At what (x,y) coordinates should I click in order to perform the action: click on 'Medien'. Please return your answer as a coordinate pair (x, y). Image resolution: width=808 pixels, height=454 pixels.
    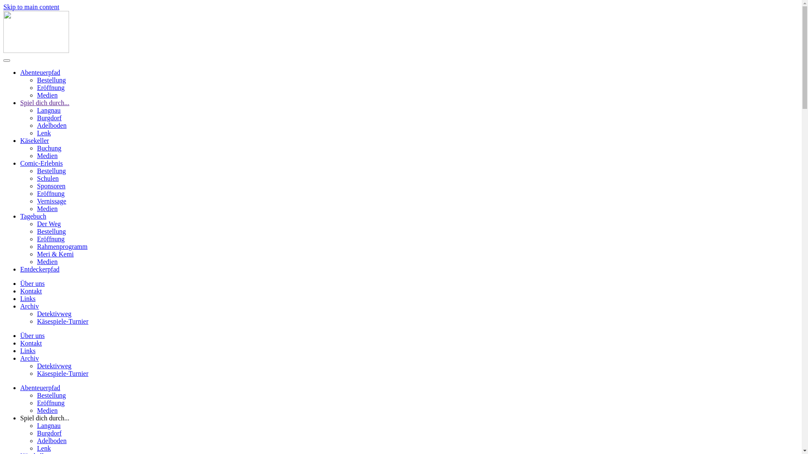
    Looking at the image, I should click on (47, 156).